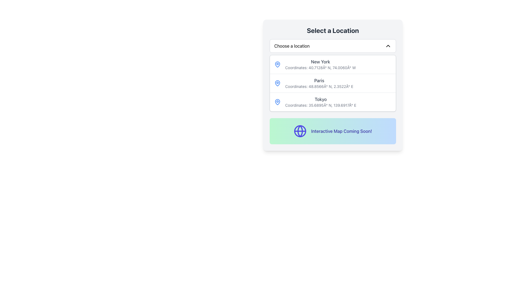 This screenshot has width=523, height=294. What do you see at coordinates (333, 102) in the screenshot?
I see `location details from the third list item in the location selector, which shows 'Tokyo' and its coordinates` at bounding box center [333, 102].